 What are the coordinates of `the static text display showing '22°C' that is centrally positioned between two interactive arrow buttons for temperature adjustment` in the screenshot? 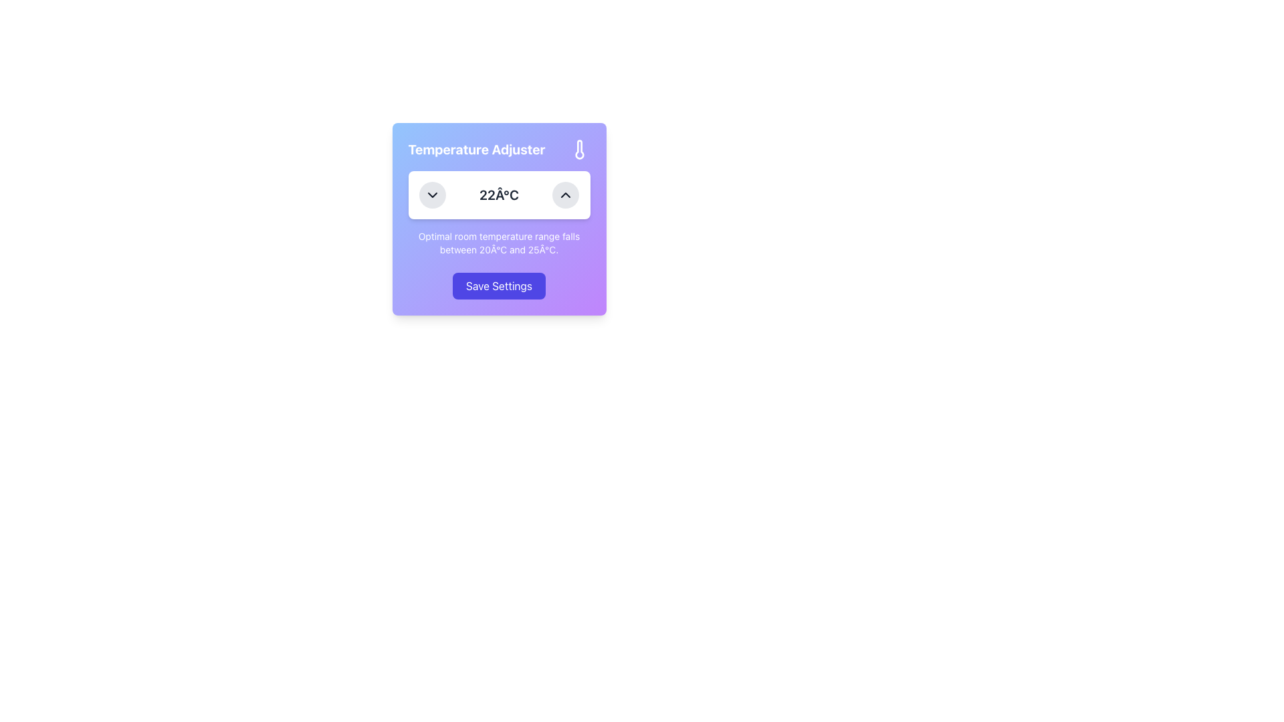 It's located at (498, 195).